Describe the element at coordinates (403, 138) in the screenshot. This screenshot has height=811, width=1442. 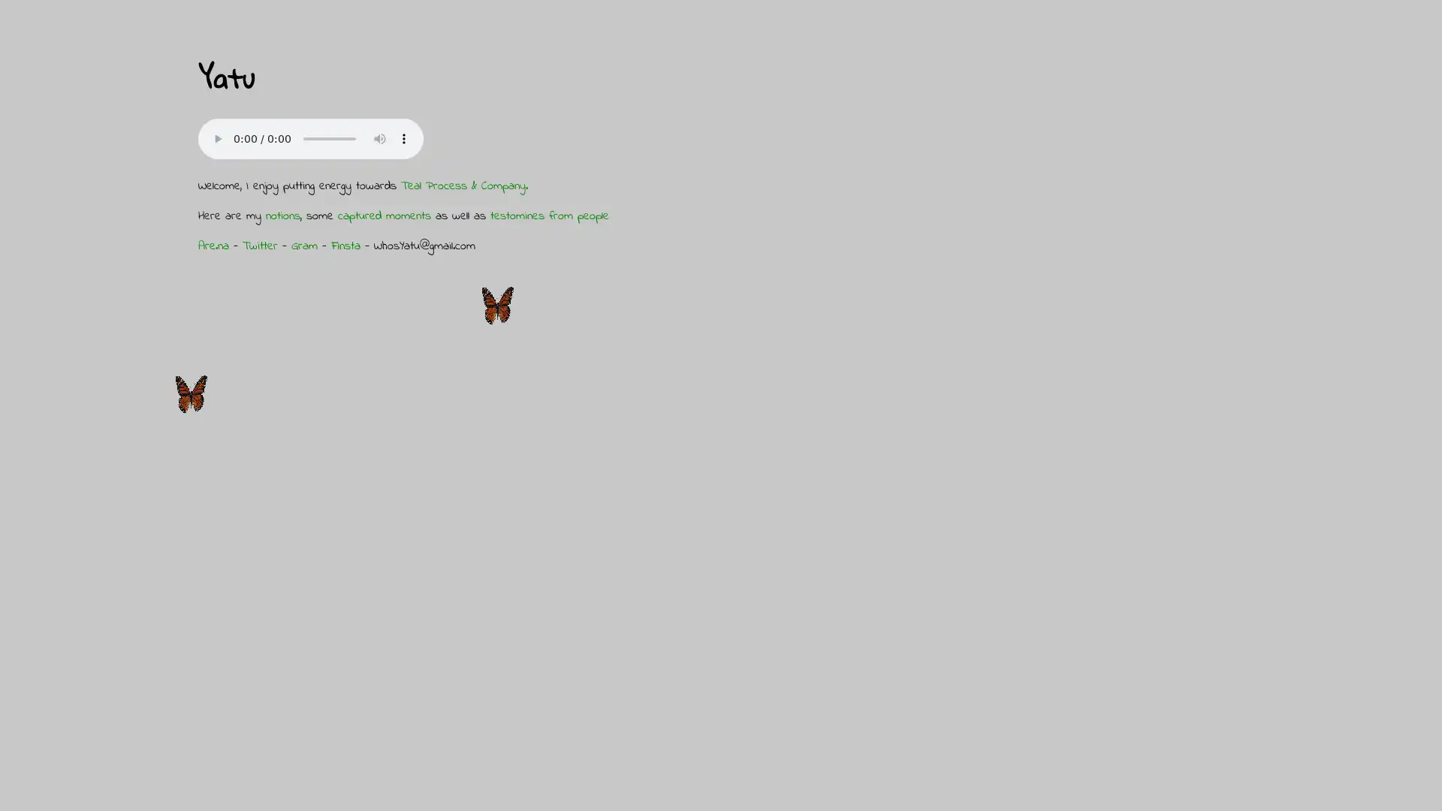
I see `show more media controls` at that location.